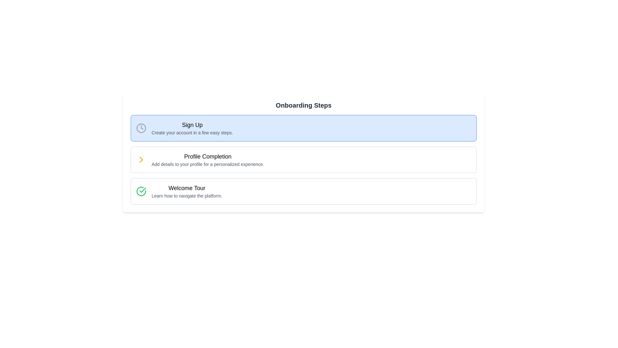 The image size is (618, 348). Describe the element at coordinates (186, 191) in the screenshot. I see `the informational text block titled 'Welcome Tour' that provides a subtitle 'Learn how to navigate the platform.' in the onboarding process` at that location.